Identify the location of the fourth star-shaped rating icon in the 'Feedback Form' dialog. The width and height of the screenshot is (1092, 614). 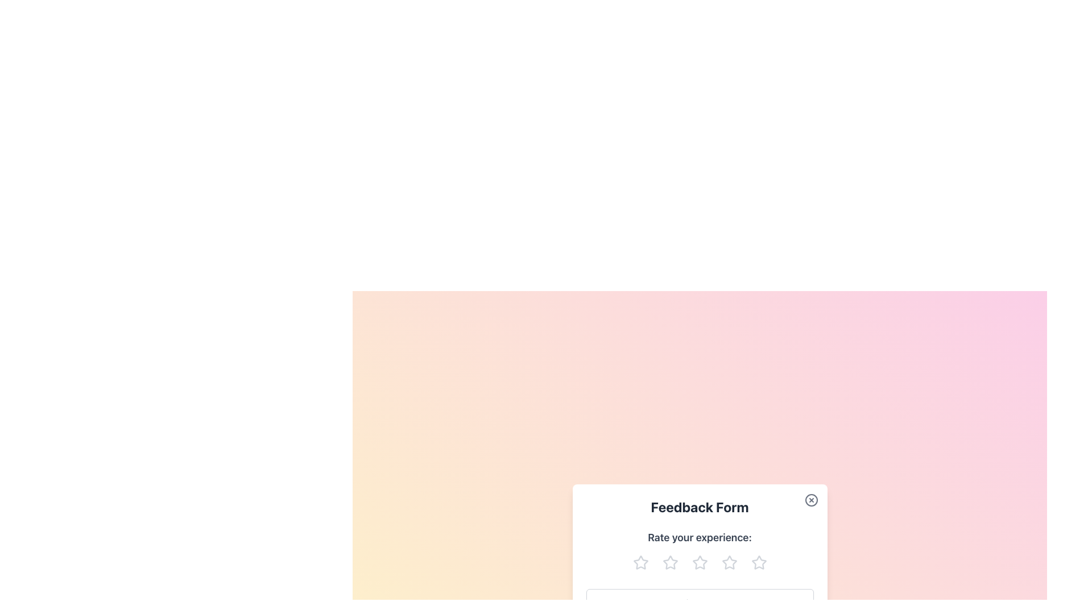
(759, 563).